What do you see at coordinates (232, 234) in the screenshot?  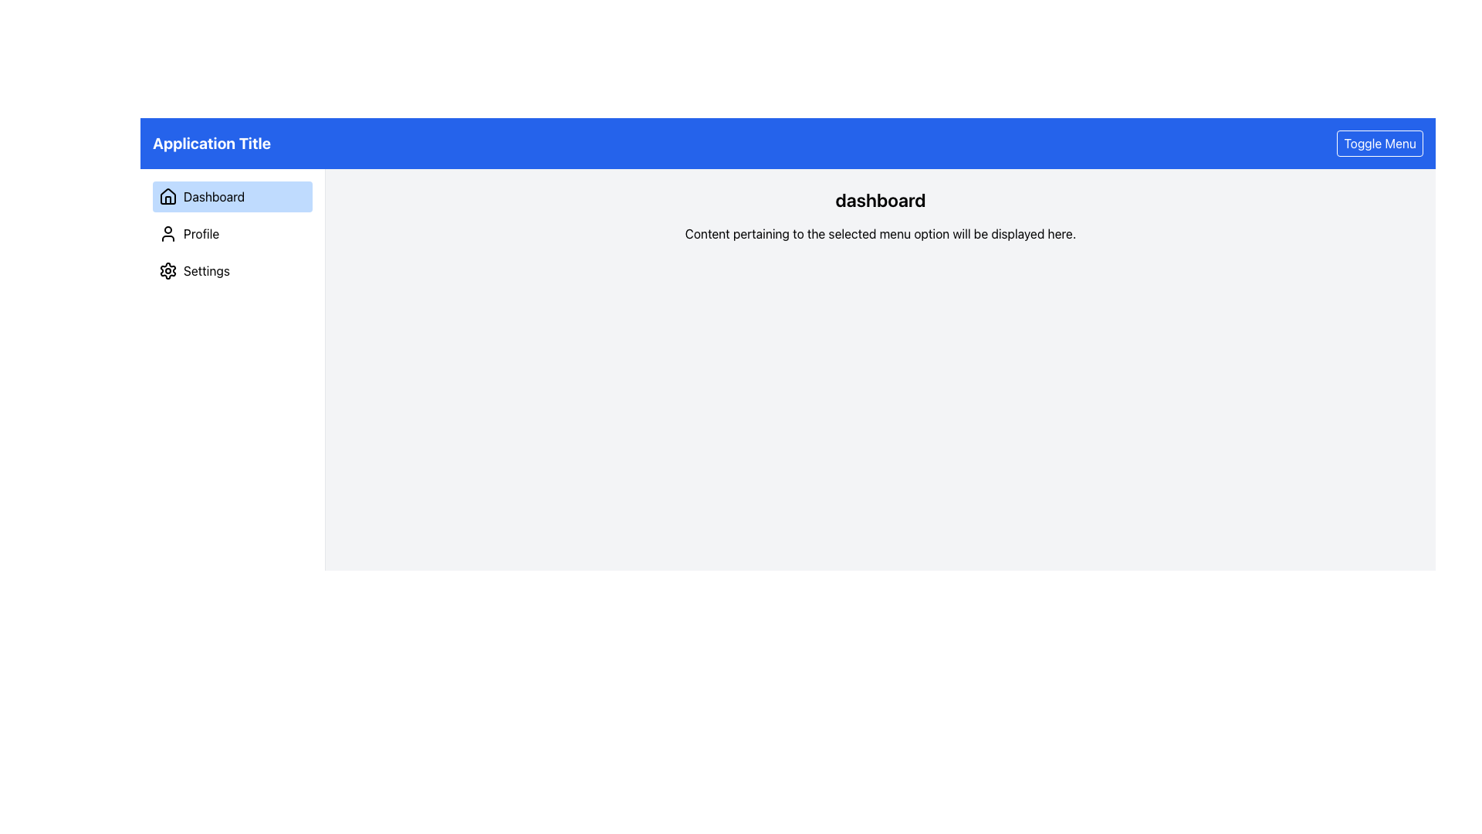 I see `the 'Profile' menu item in the vertical menu panel` at bounding box center [232, 234].